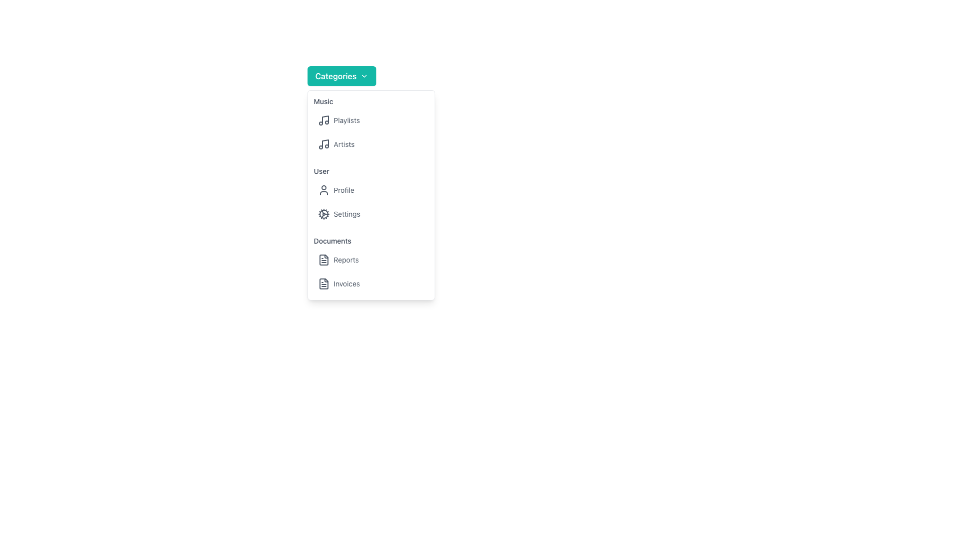 The height and width of the screenshot is (538, 957). What do you see at coordinates (323, 144) in the screenshot?
I see `the musical note icon located in the 'Artists' menu item under the 'Music' section` at bounding box center [323, 144].